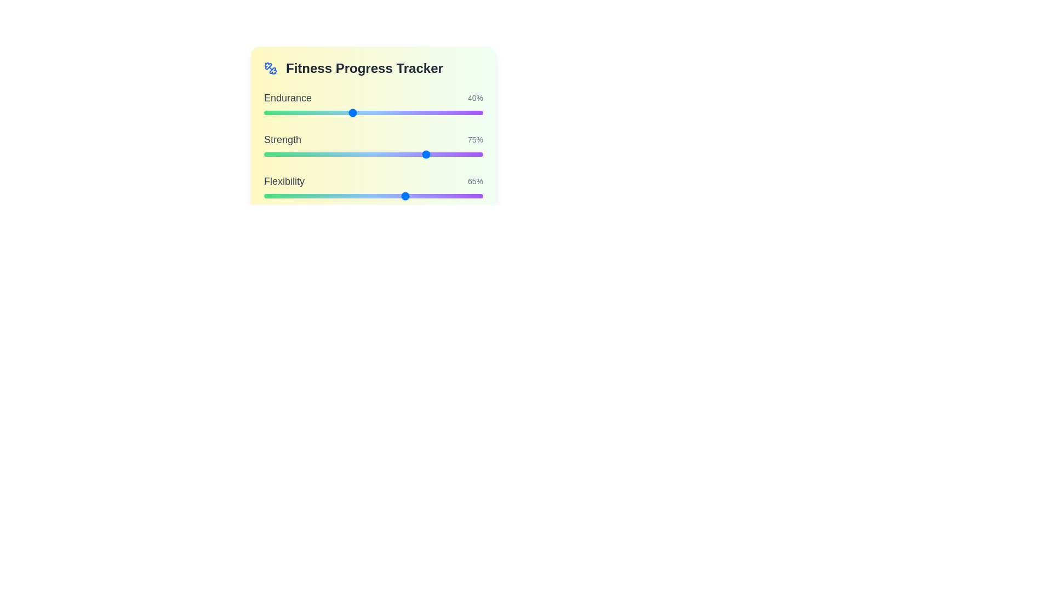  What do you see at coordinates (275, 154) in the screenshot?
I see `the slider value` at bounding box center [275, 154].